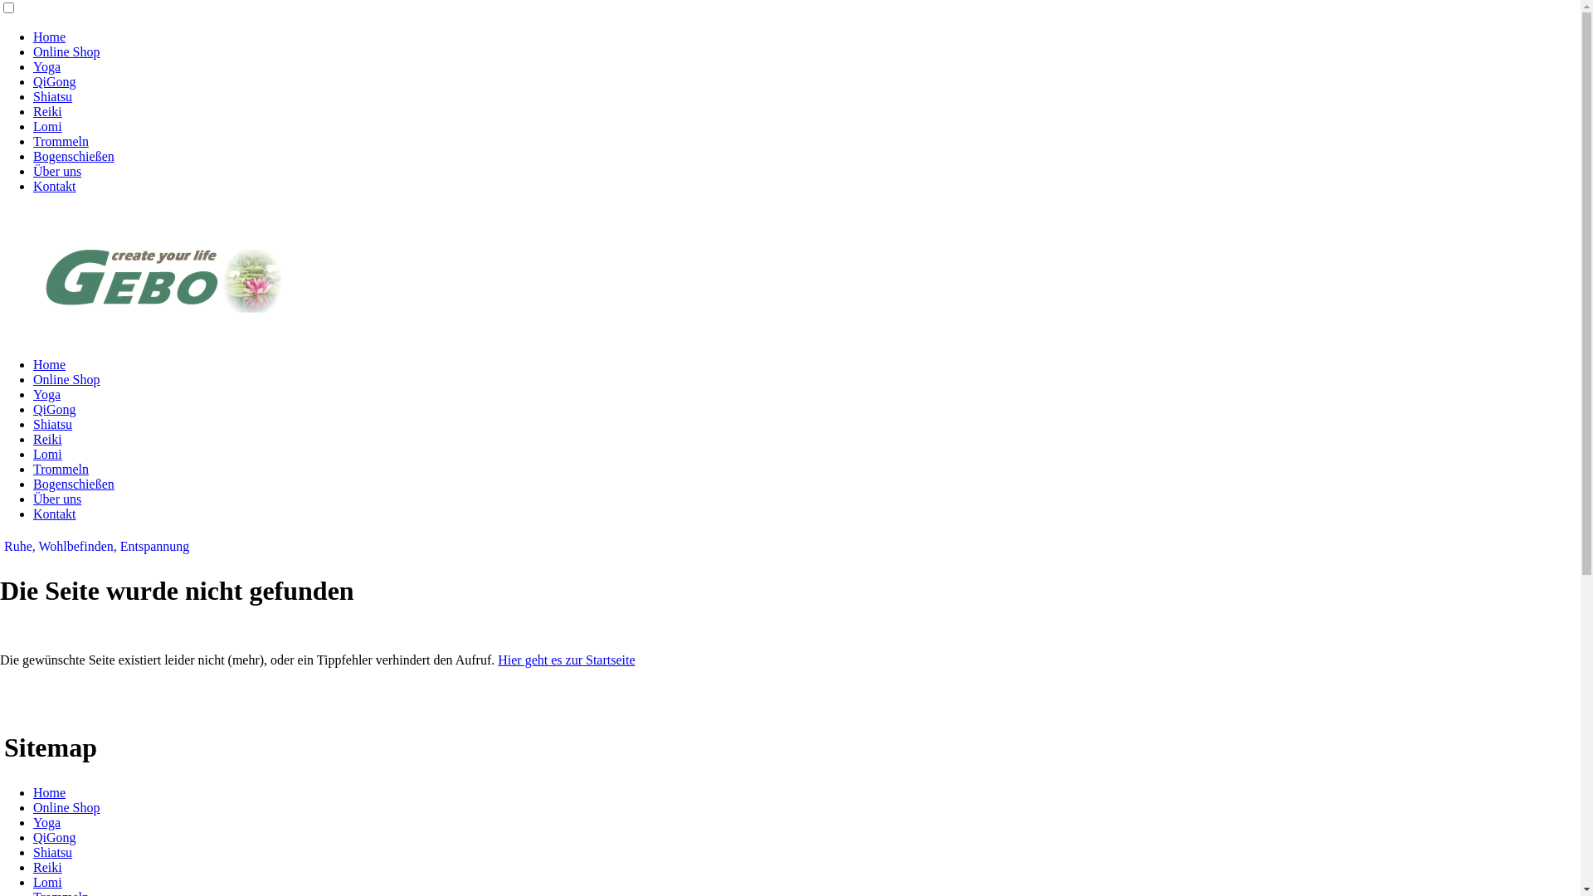 The width and height of the screenshot is (1593, 896). What do you see at coordinates (566, 659) in the screenshot?
I see `'Hier geht es zur Startseite'` at bounding box center [566, 659].